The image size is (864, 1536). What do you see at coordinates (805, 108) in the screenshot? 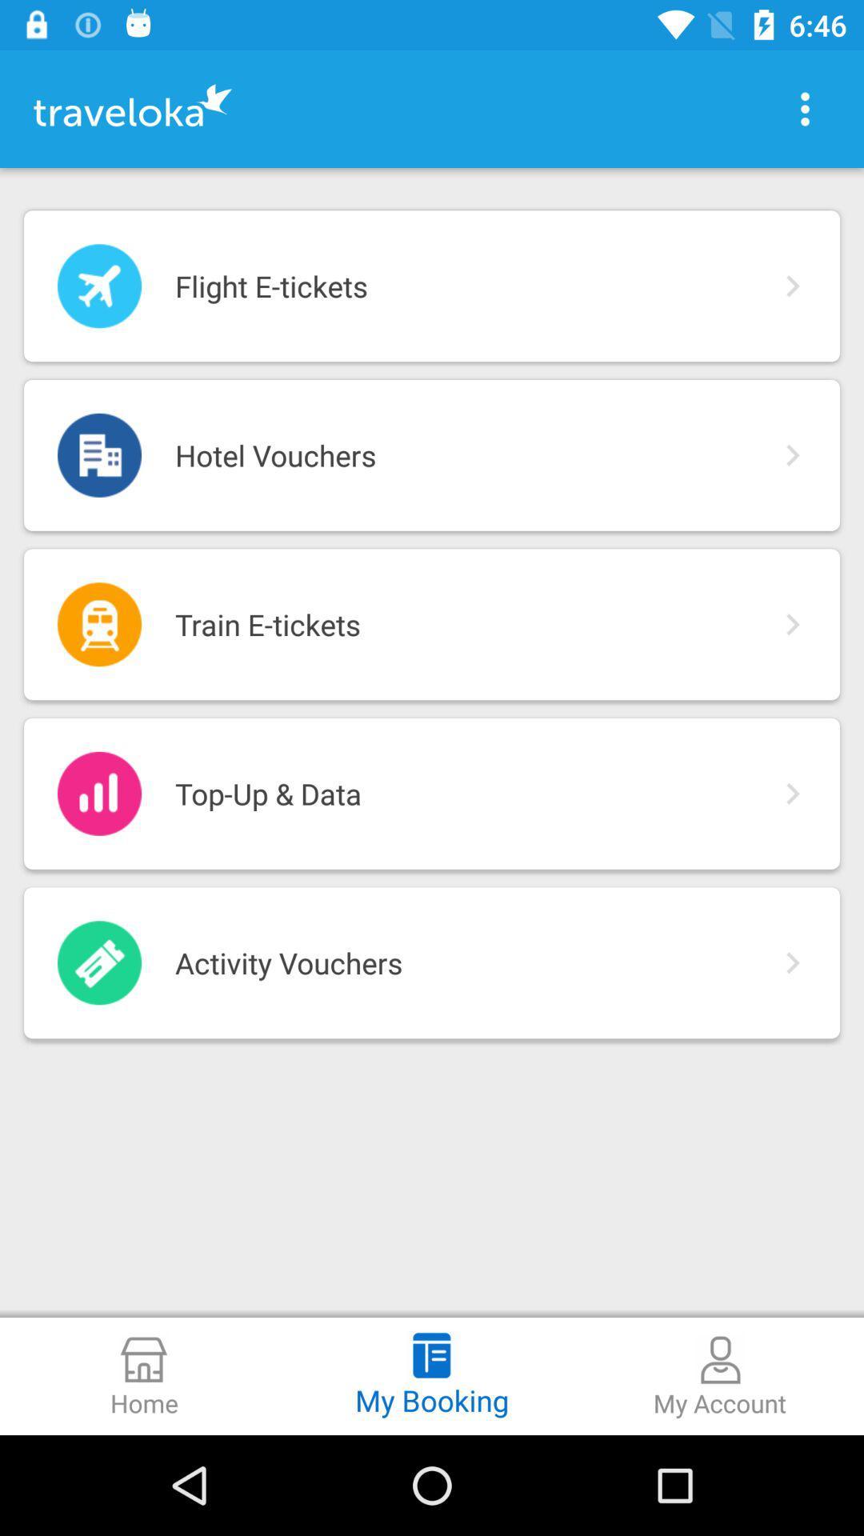
I see `additional options` at bounding box center [805, 108].